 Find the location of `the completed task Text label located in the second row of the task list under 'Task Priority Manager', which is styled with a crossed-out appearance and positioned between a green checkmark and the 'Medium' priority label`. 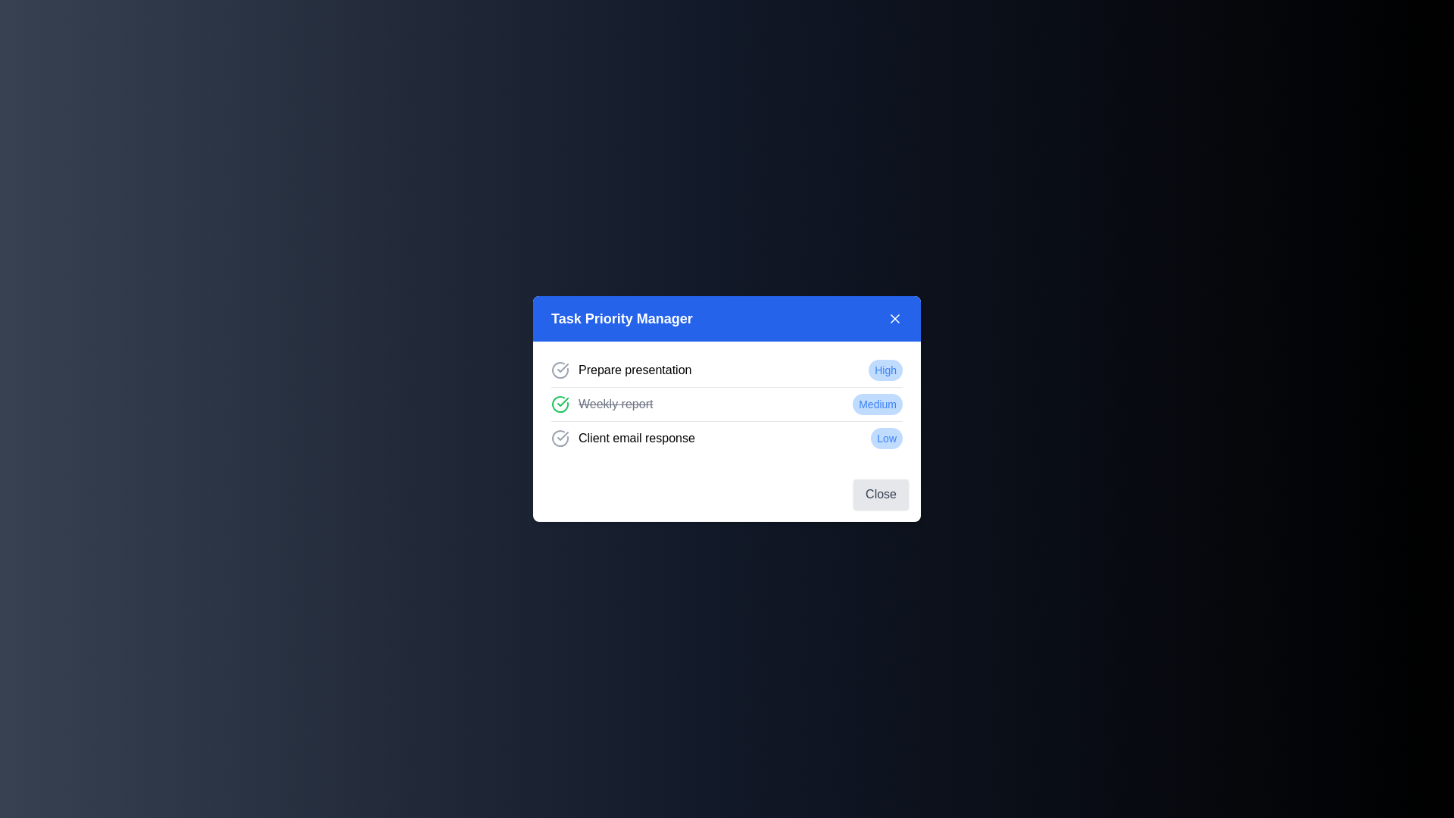

the completed task Text label located in the second row of the task list under 'Task Priority Manager', which is styled with a crossed-out appearance and positioned between a green checkmark and the 'Medium' priority label is located at coordinates (616, 403).